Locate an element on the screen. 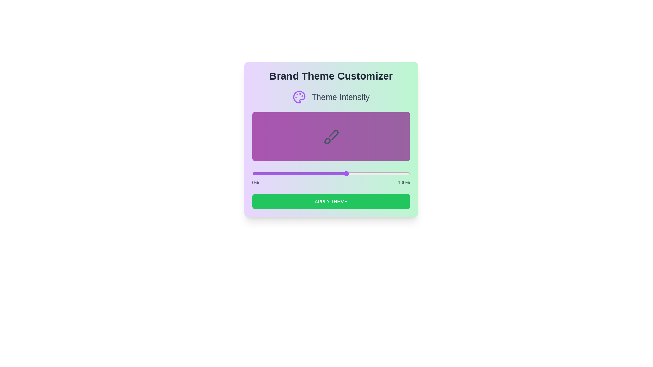  the theme intensity to 11 percent using the slider is located at coordinates (269, 173).